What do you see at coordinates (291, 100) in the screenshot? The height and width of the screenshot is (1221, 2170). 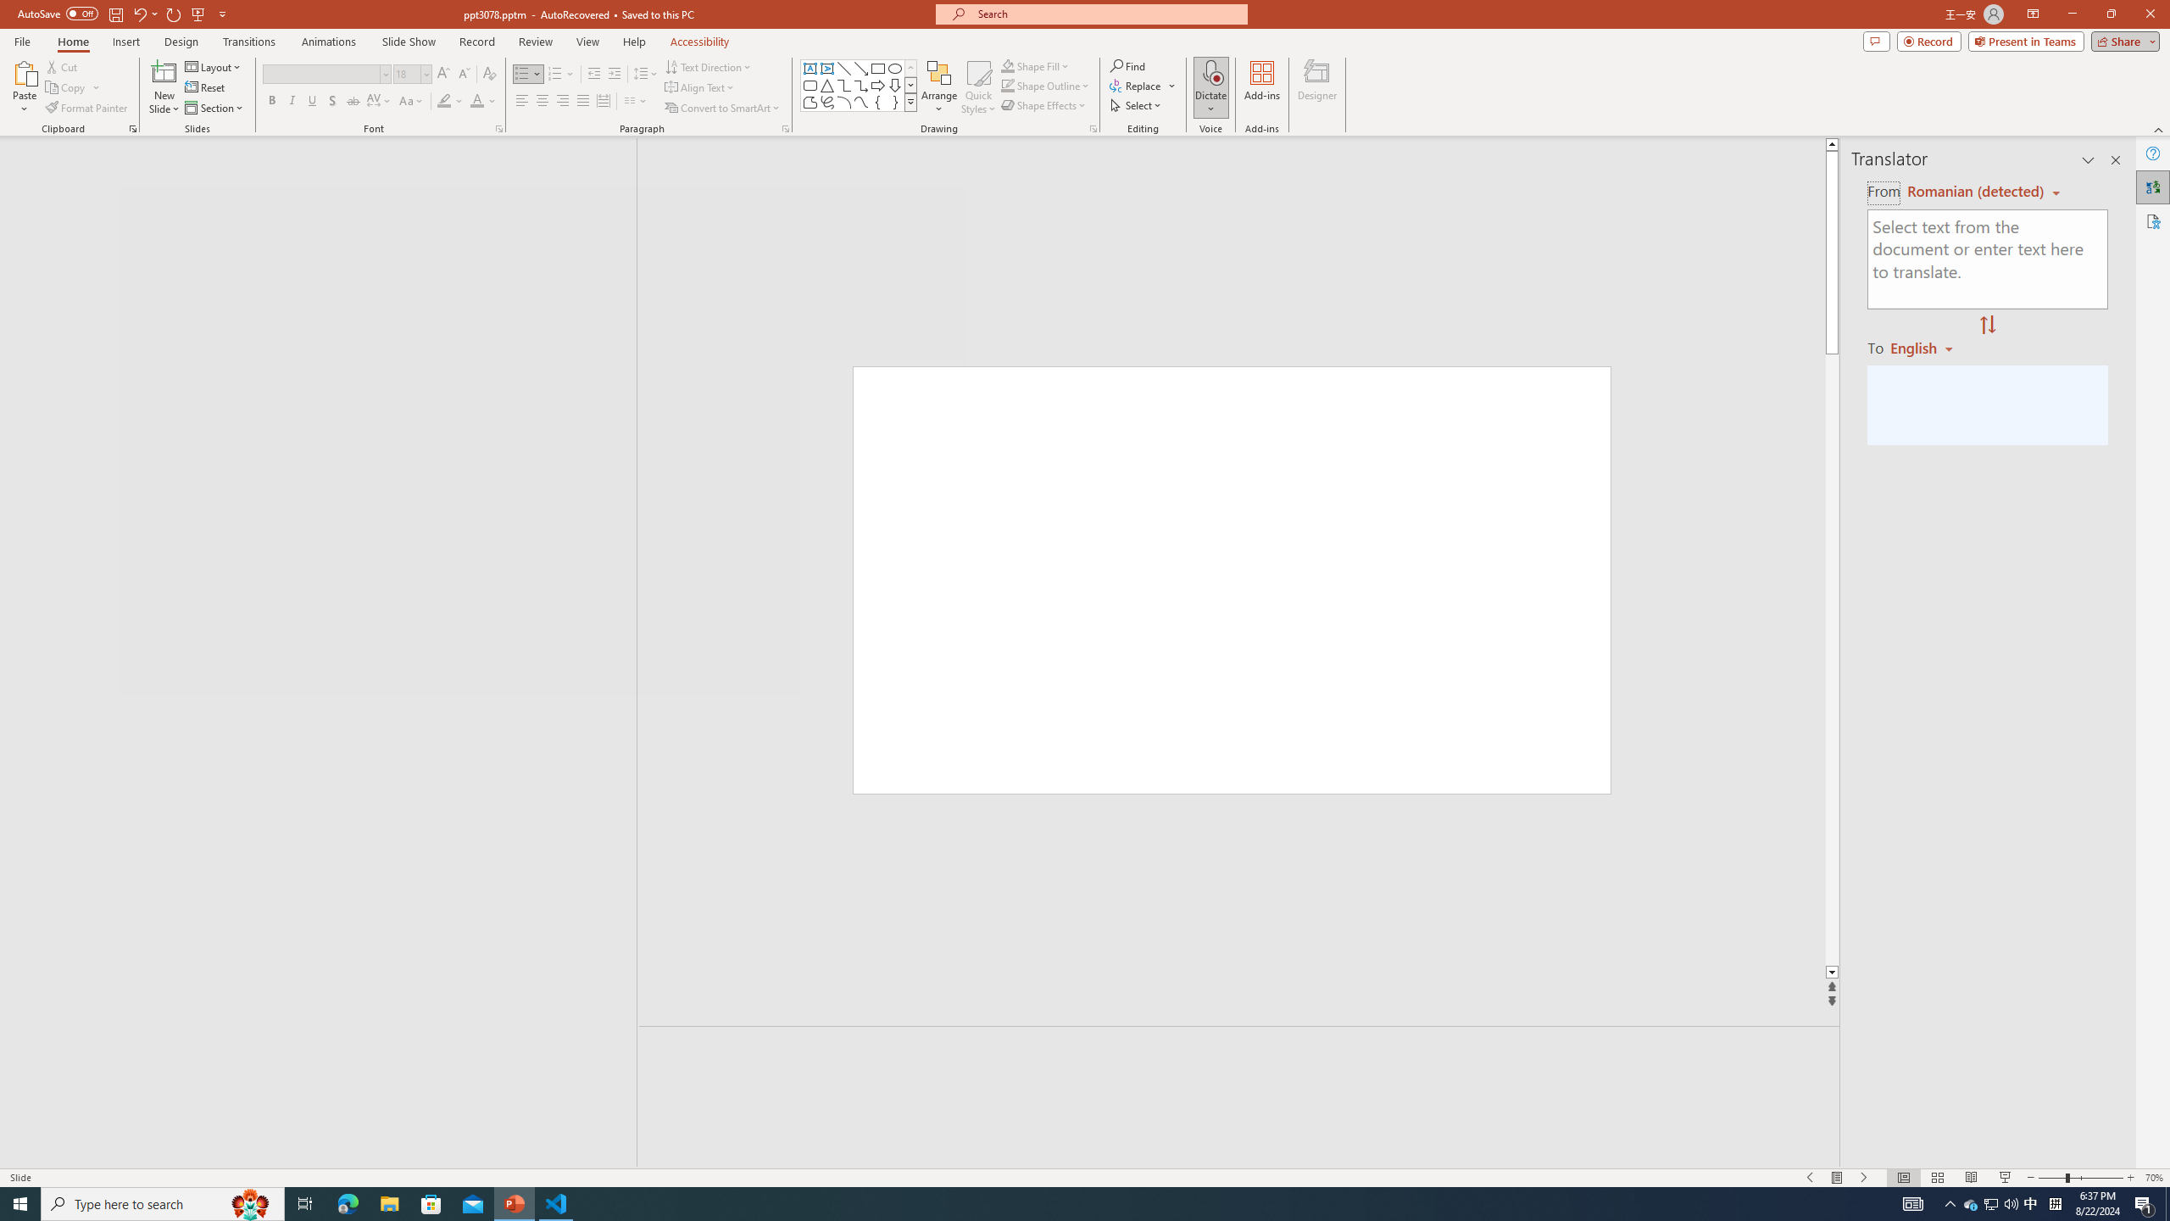 I see `'Italic'` at bounding box center [291, 100].